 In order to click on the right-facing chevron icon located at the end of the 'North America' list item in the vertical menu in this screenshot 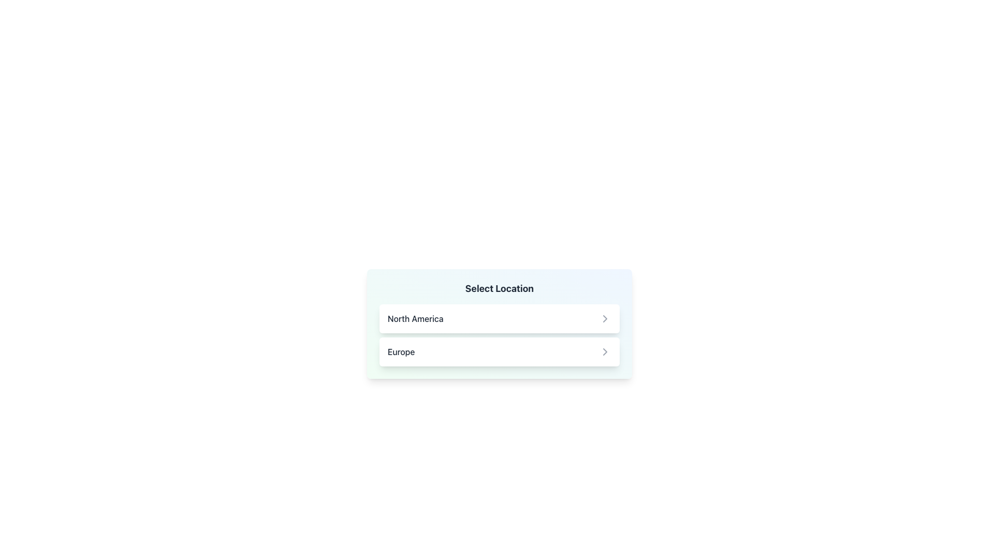, I will do `click(605, 318)`.